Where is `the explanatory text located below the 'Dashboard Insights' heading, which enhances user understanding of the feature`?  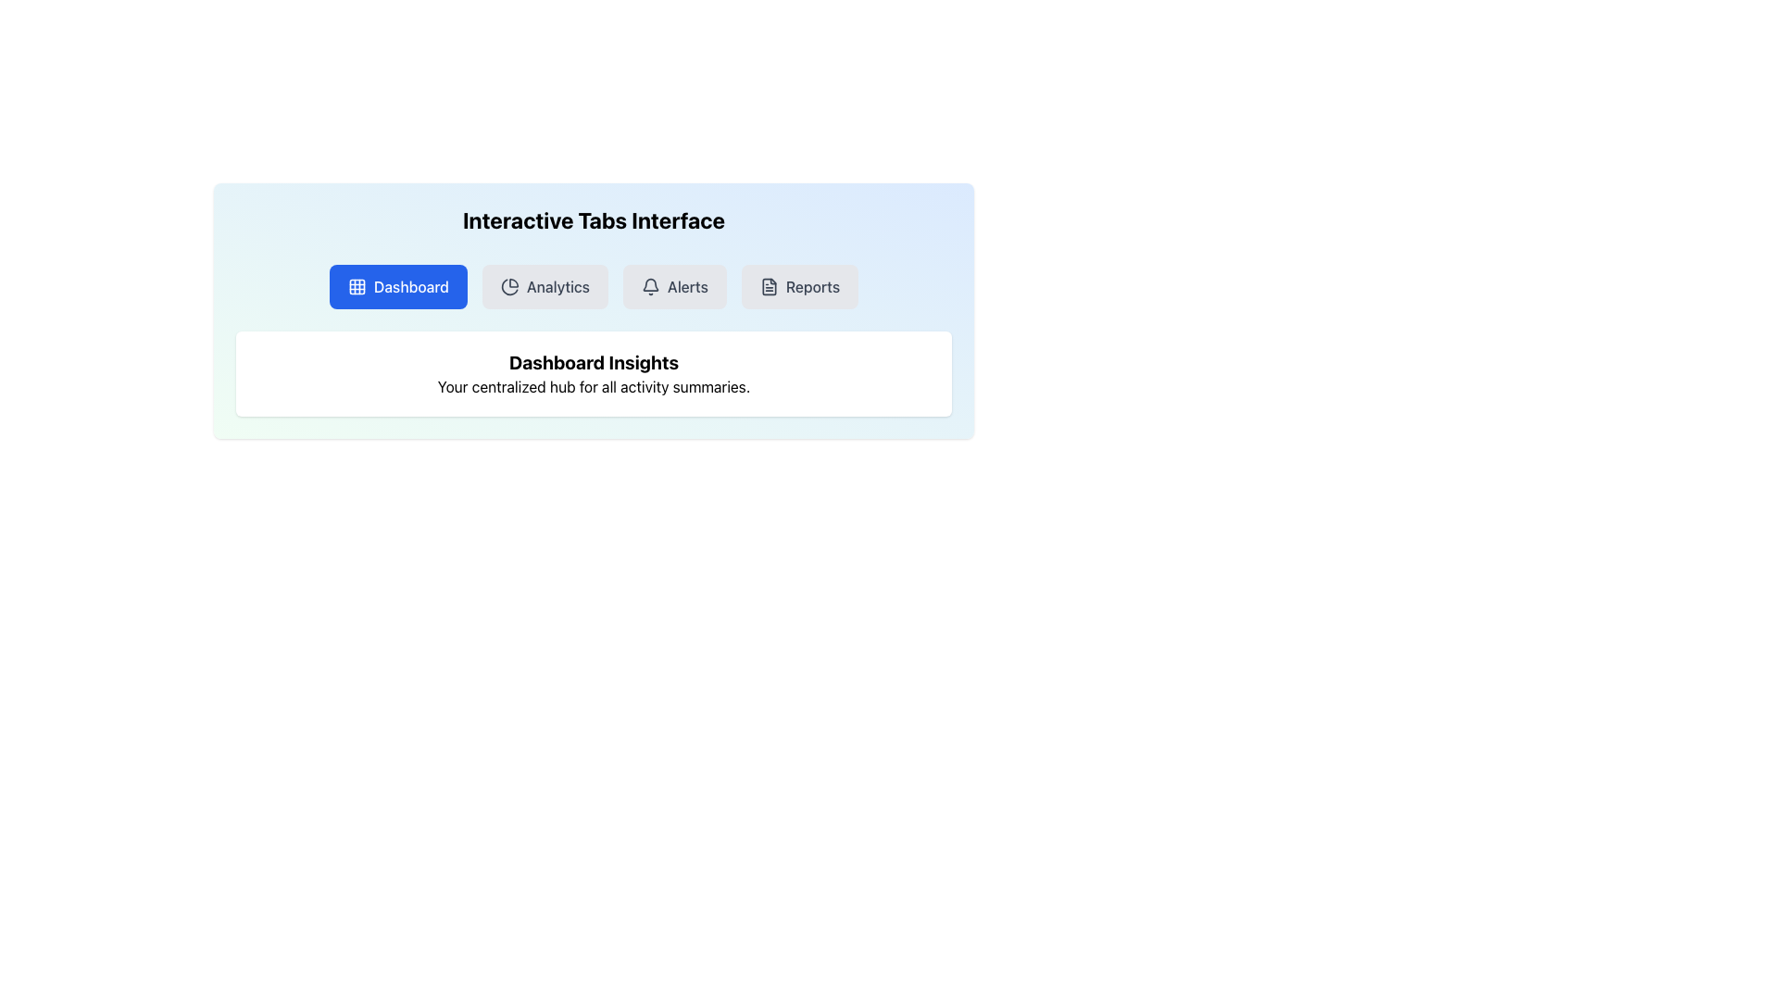
the explanatory text located below the 'Dashboard Insights' heading, which enhances user understanding of the feature is located at coordinates (594, 385).